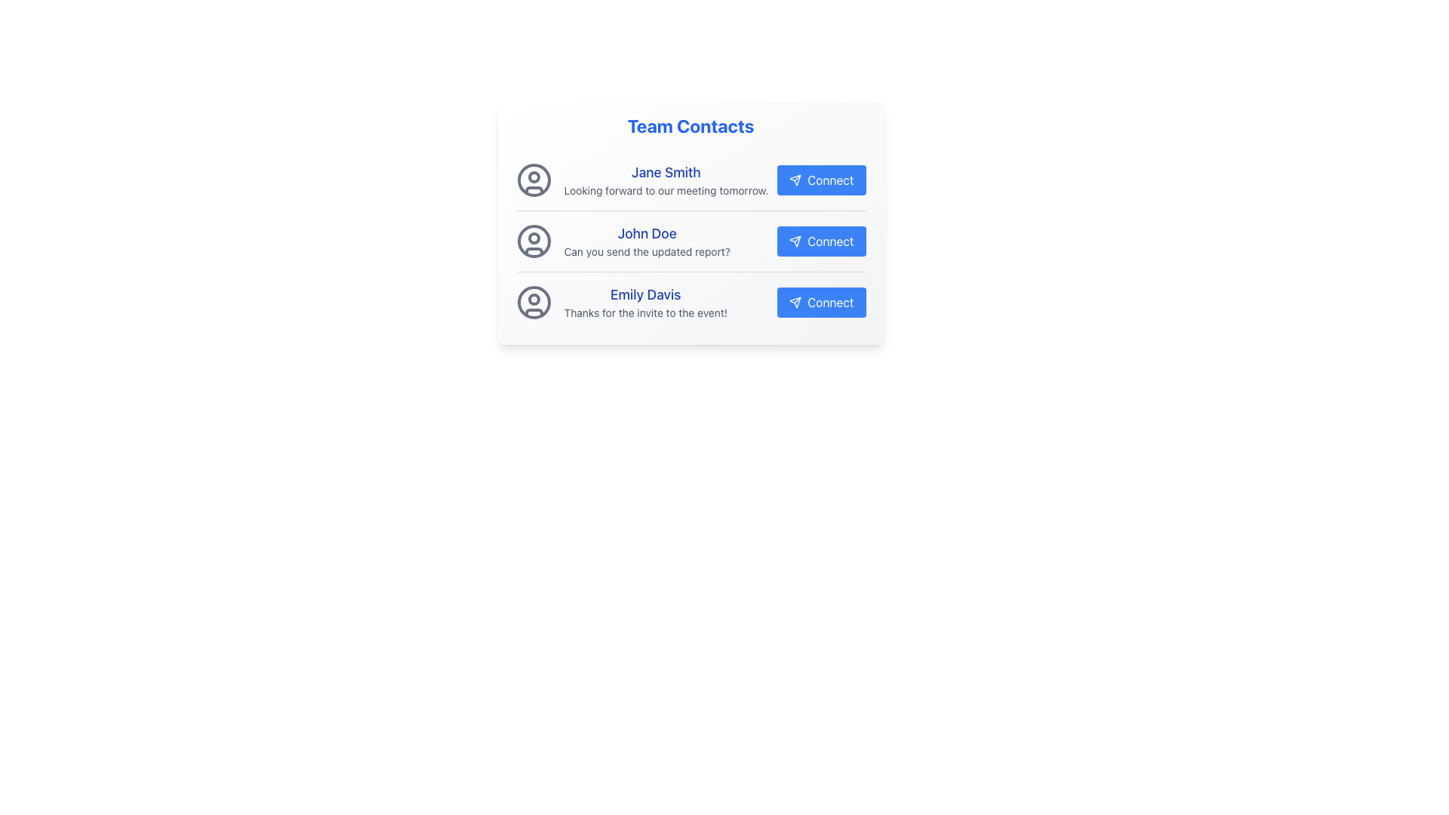 The height and width of the screenshot is (815, 1449). Describe the element at coordinates (534, 251) in the screenshot. I see `the body line of the user profile icon representing 'John Doe' in the second contact entry` at that location.